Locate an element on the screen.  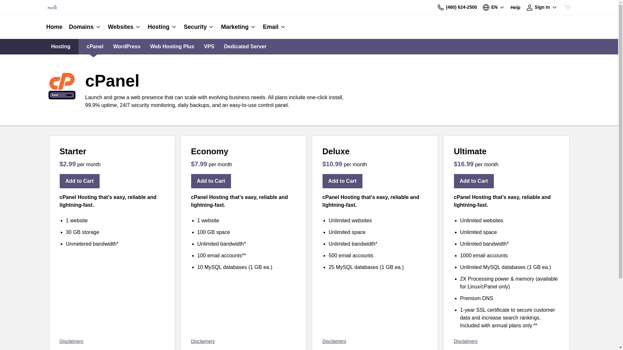
'WordPress' is located at coordinates (113, 46).